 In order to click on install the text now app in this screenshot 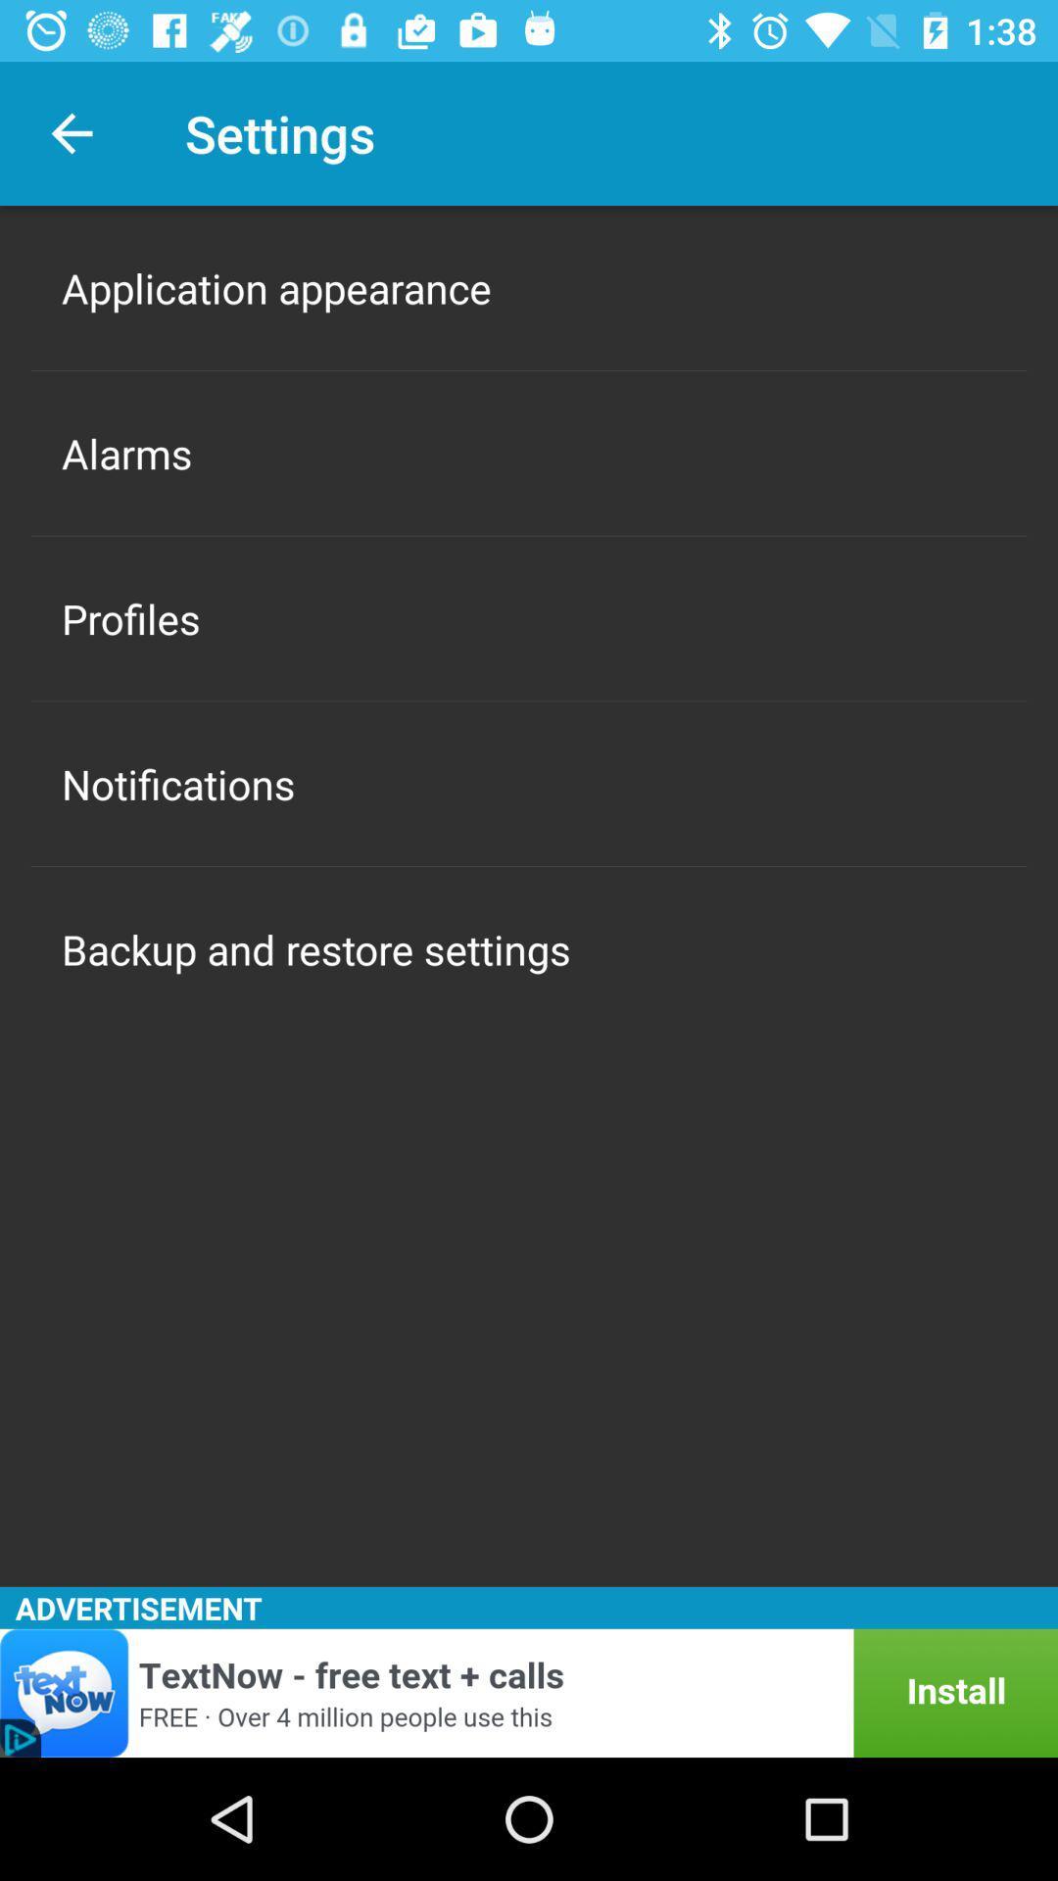, I will do `click(529, 1692)`.